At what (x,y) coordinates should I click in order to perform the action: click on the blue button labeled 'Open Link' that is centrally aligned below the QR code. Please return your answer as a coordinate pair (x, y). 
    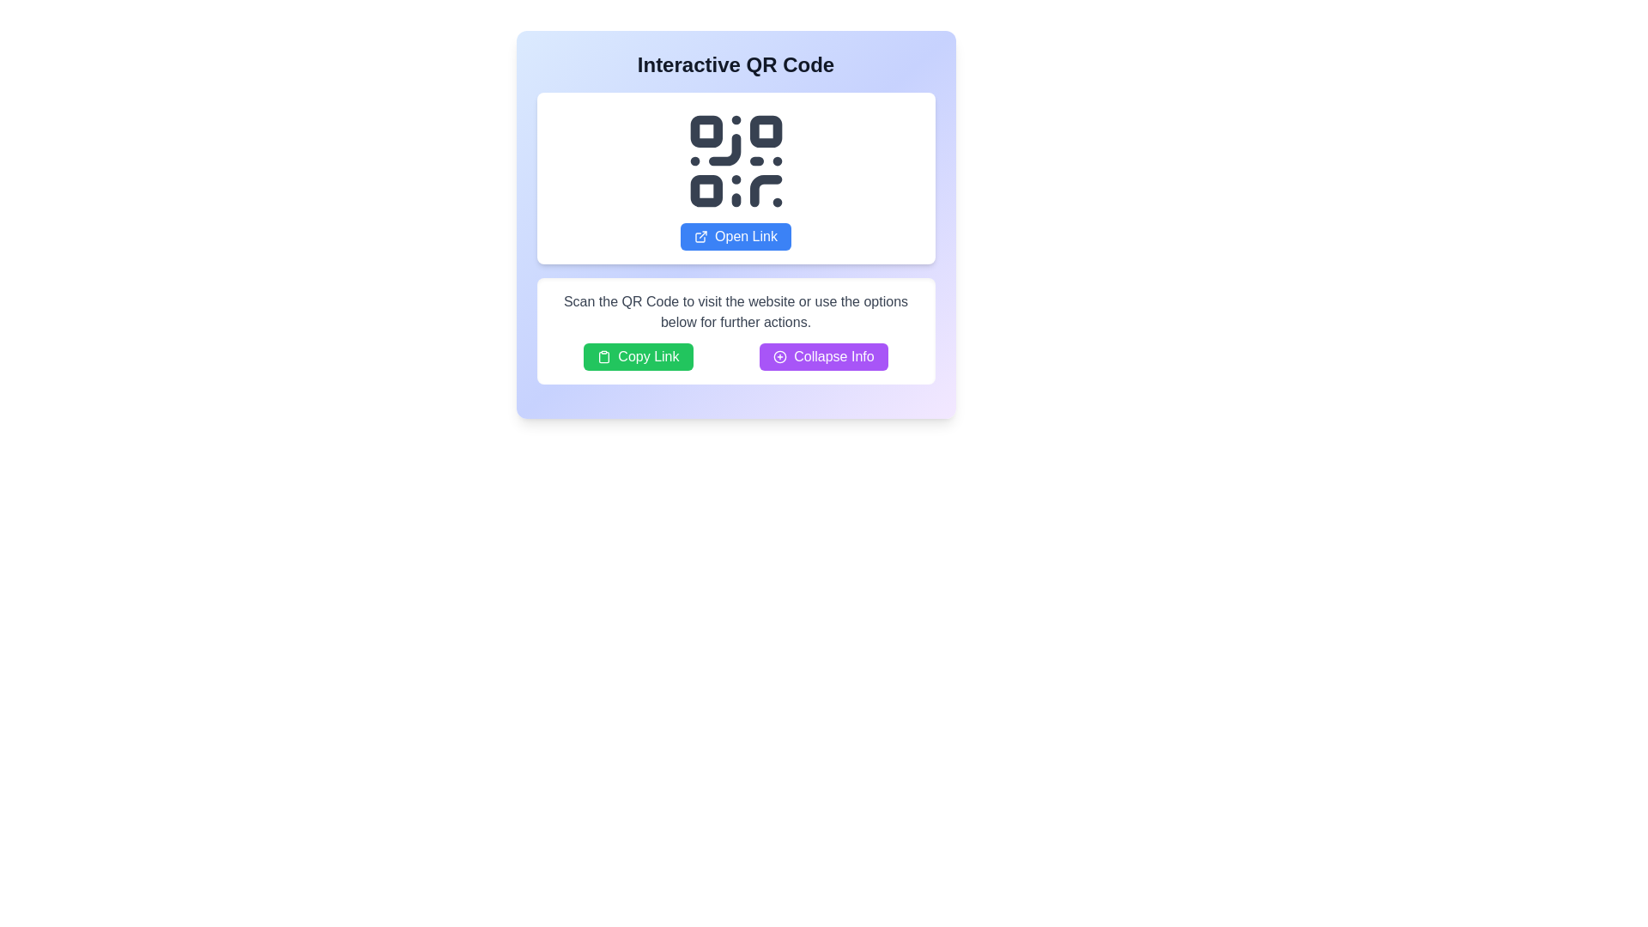
    Looking at the image, I should click on (736, 237).